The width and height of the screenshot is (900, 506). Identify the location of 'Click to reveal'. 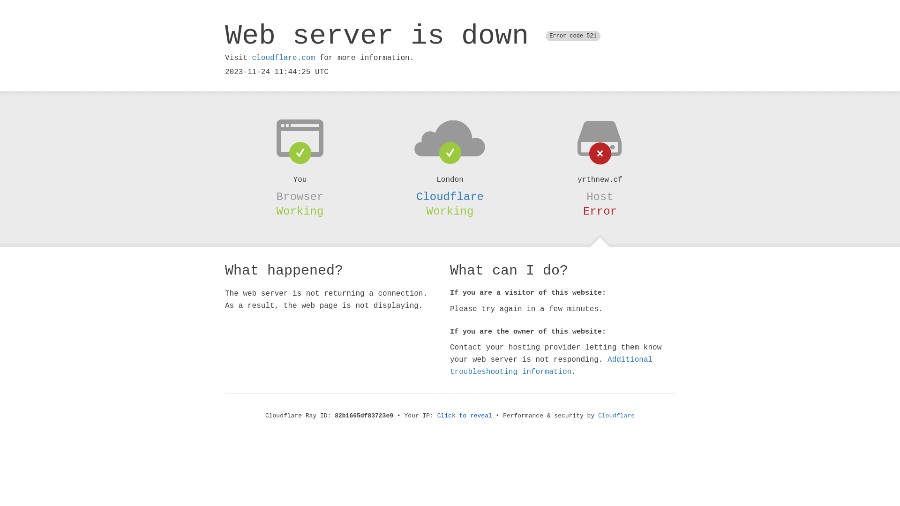
(465, 415).